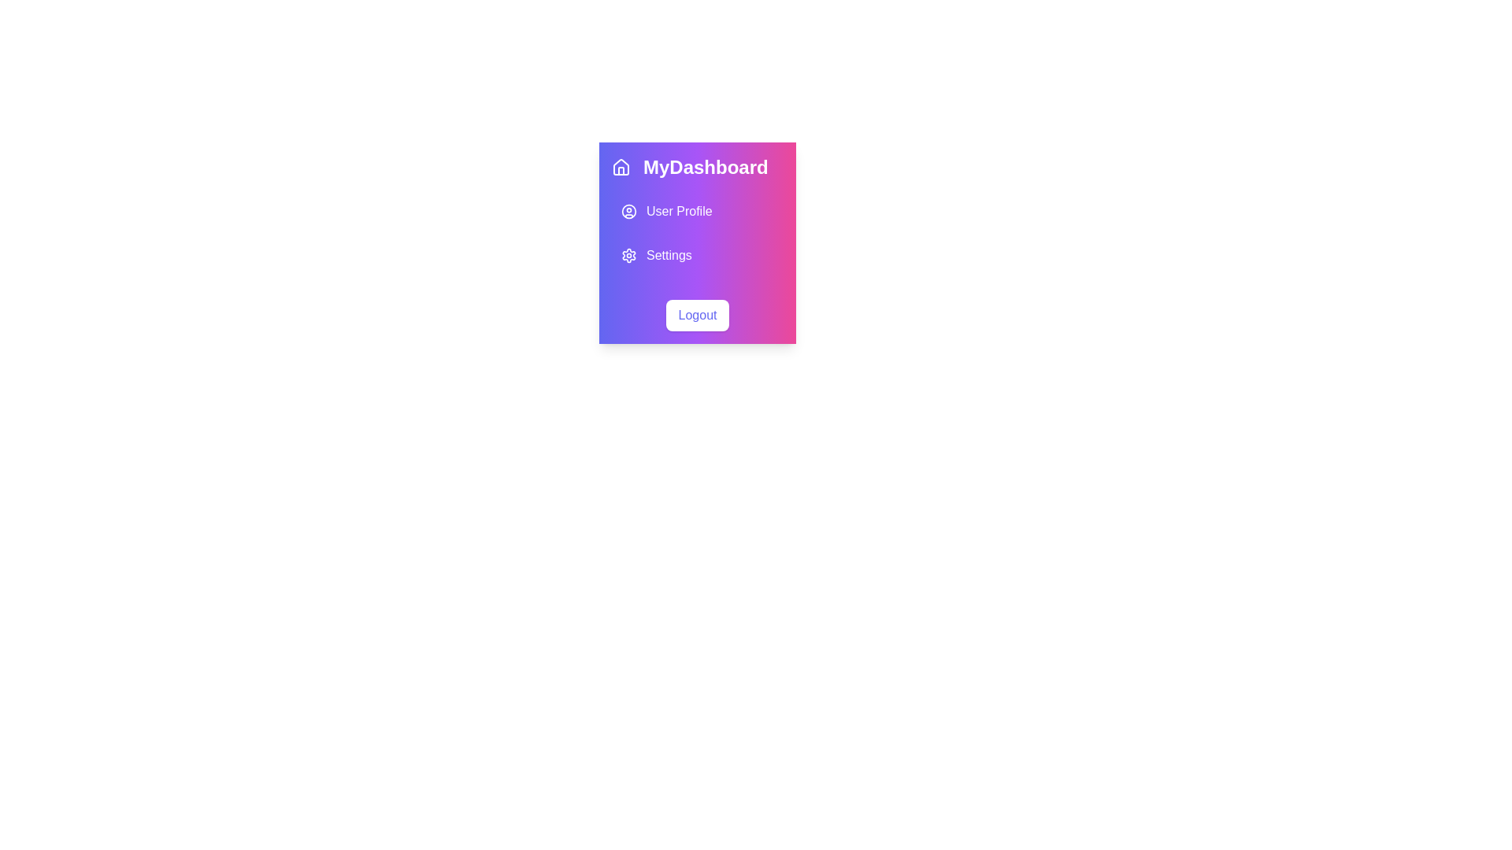 Image resolution: width=1512 pixels, height=850 pixels. I want to click on the 'Logout' button, which is a rectangular button with a white background and blue text, located at the bottom of the menu under 'MyDashboard', so click(697, 316).